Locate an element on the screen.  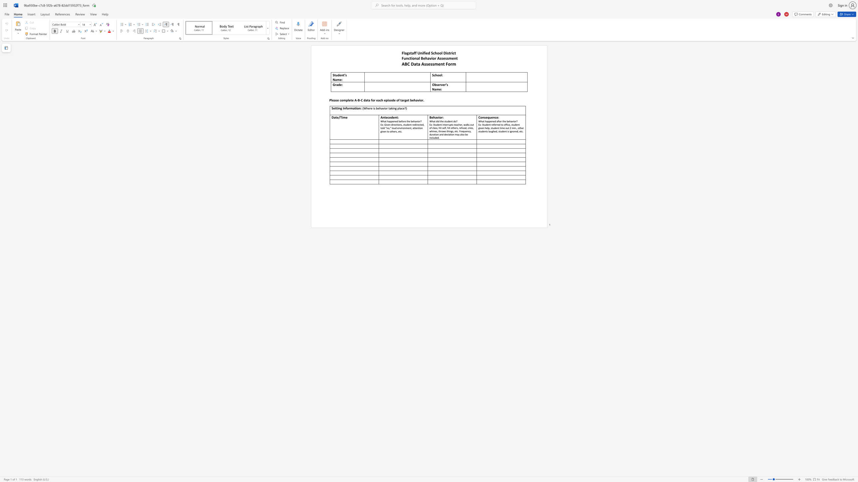
the subset text "rected, tol" within the text "iven directions, student redirected, told “no," is located at coordinates (416, 124).